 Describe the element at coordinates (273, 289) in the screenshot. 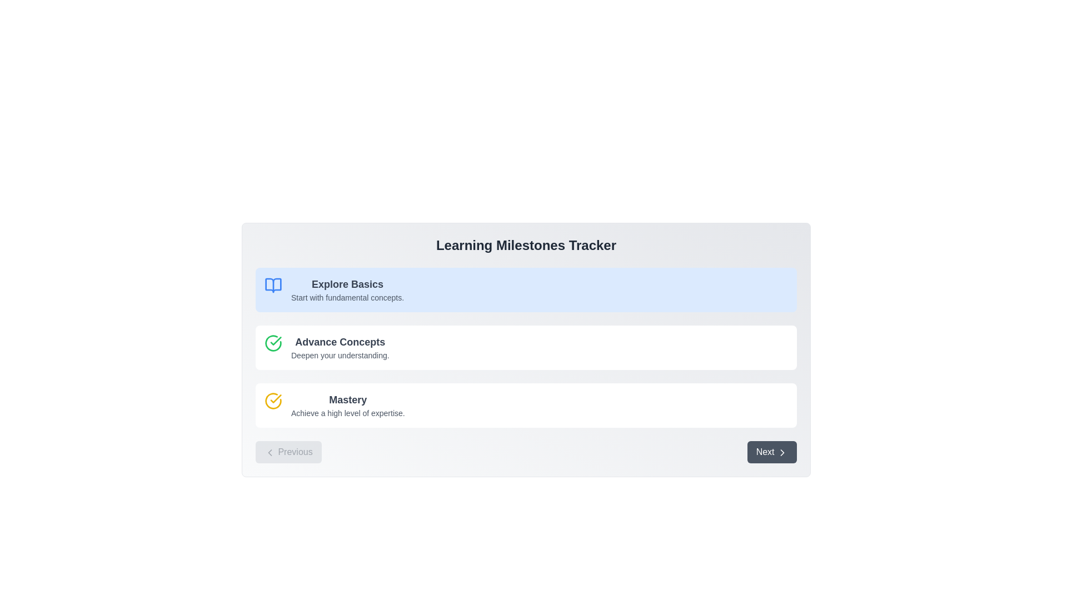

I see `the decorative icon located in the top-left corner of the 'Explore Basics' card, adjacent to the card title` at that location.